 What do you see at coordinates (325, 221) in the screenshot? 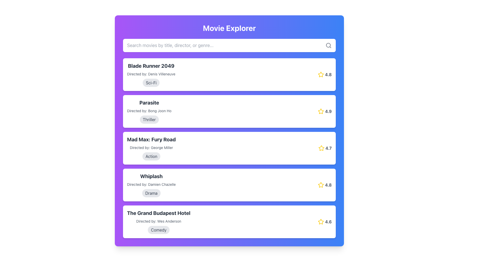
I see `the bold yellow star icon of the rating indicator displaying a rating of '4.6'` at bounding box center [325, 221].